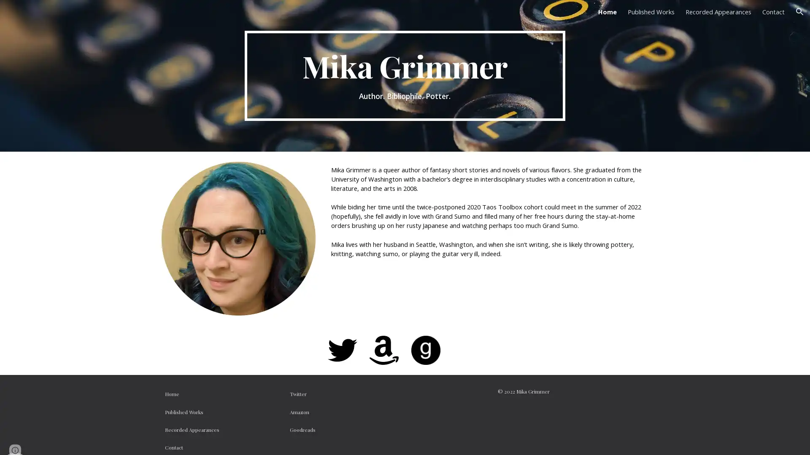 Image resolution: width=810 pixels, height=455 pixels. I want to click on Report abuse, so click(77, 440).